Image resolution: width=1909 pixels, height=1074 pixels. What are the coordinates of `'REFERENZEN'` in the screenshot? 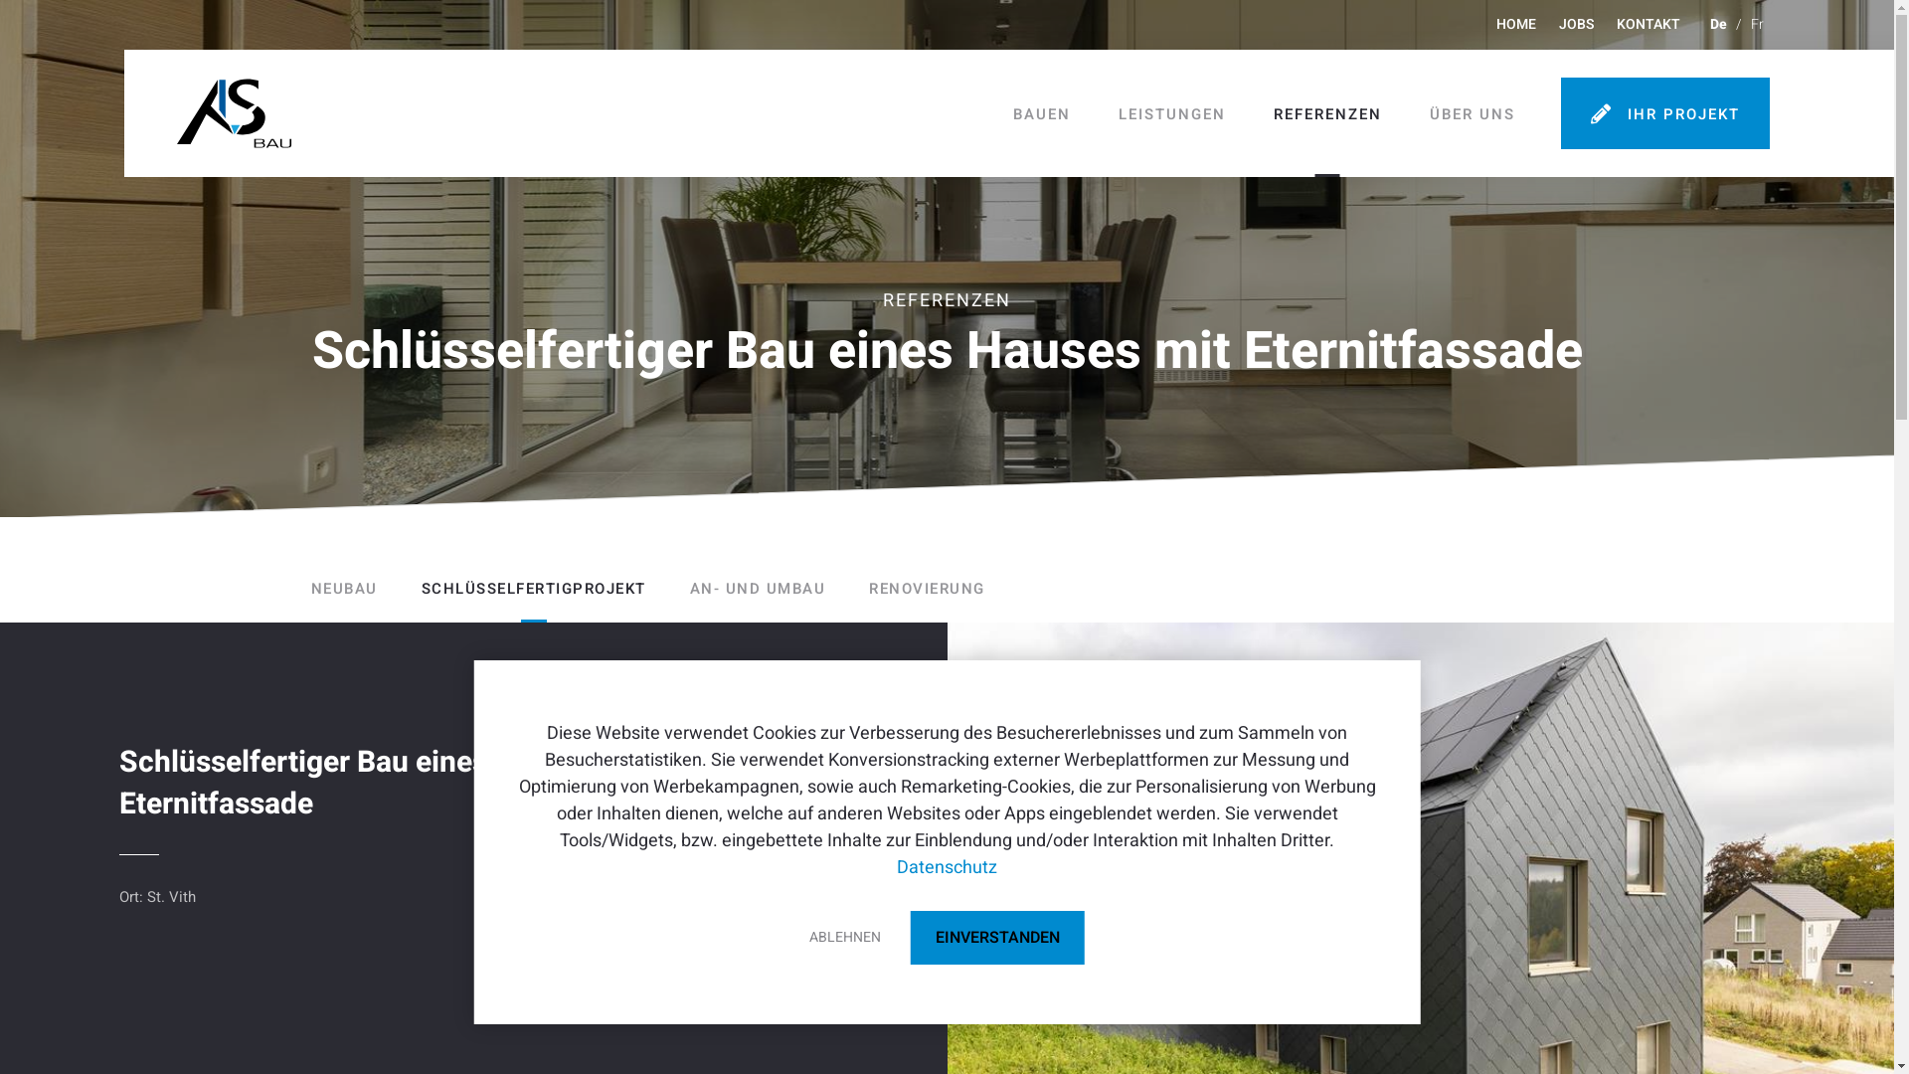 It's located at (1327, 114).